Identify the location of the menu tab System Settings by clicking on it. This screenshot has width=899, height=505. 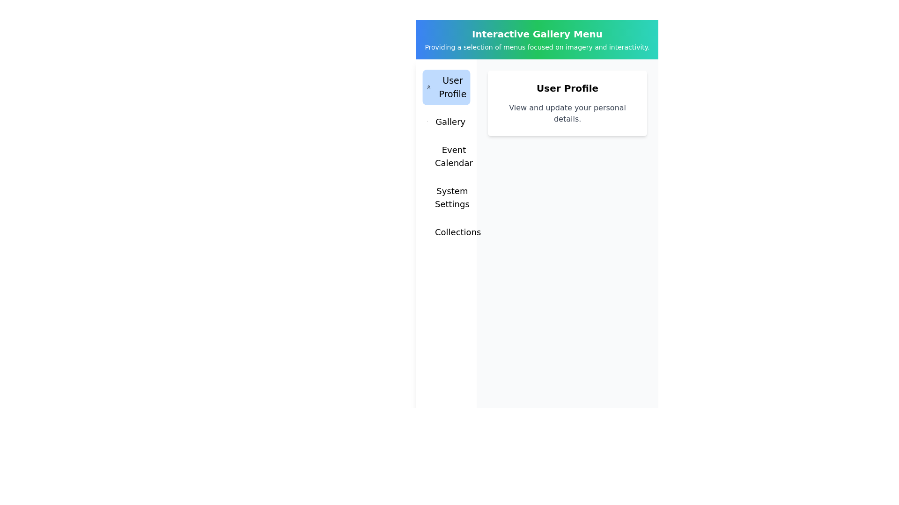
(446, 197).